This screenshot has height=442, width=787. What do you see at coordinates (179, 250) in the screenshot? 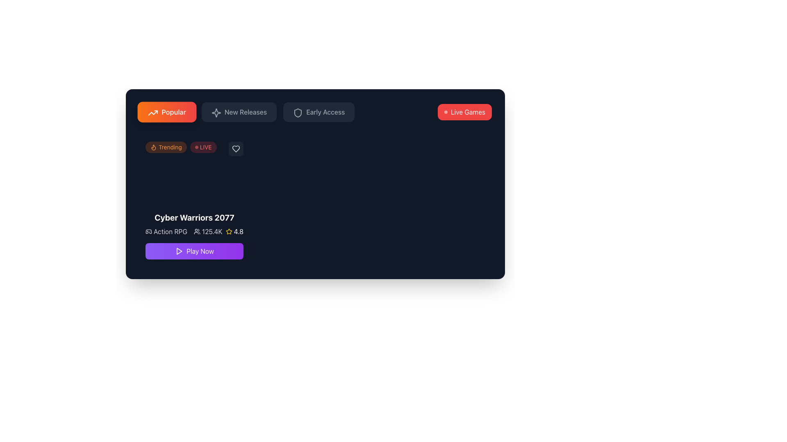
I see `the triangular play icon located within the purple 'Play Now' button at the bottom of the card component` at bounding box center [179, 250].